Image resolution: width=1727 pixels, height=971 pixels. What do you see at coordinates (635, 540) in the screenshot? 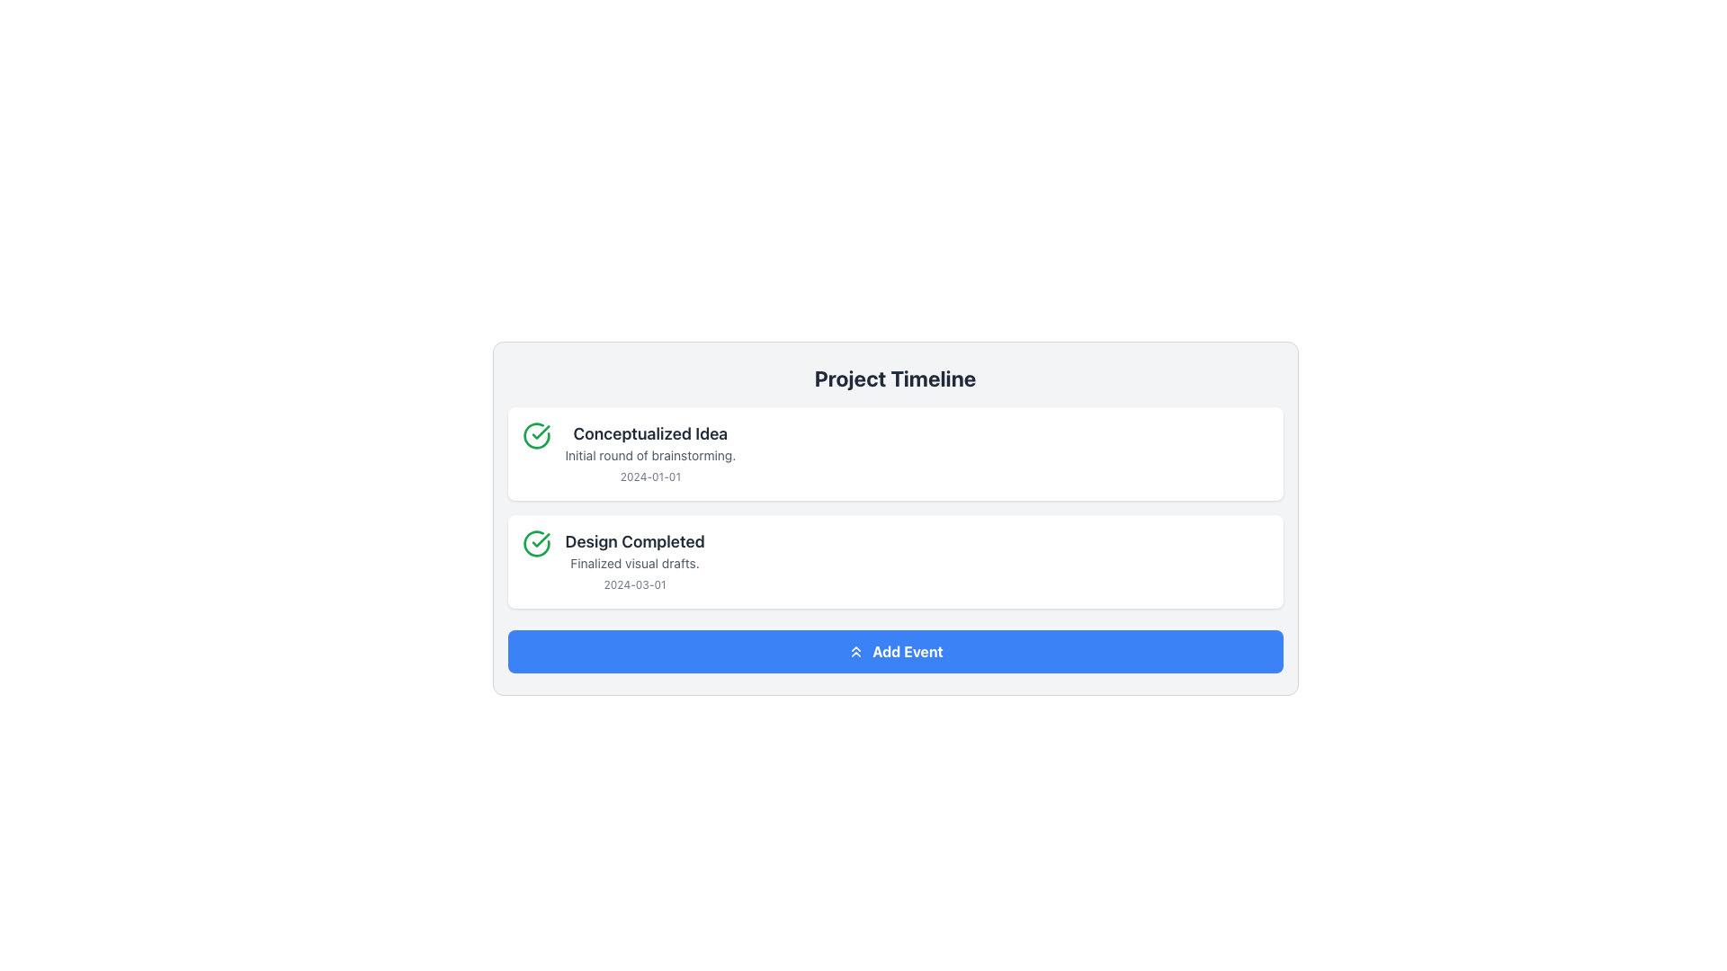
I see `the text label displaying 'Design Completed', which is styled with a bold font and dark-gray color, positioned prominently above the text 'Finalized visual drafts.'` at bounding box center [635, 540].